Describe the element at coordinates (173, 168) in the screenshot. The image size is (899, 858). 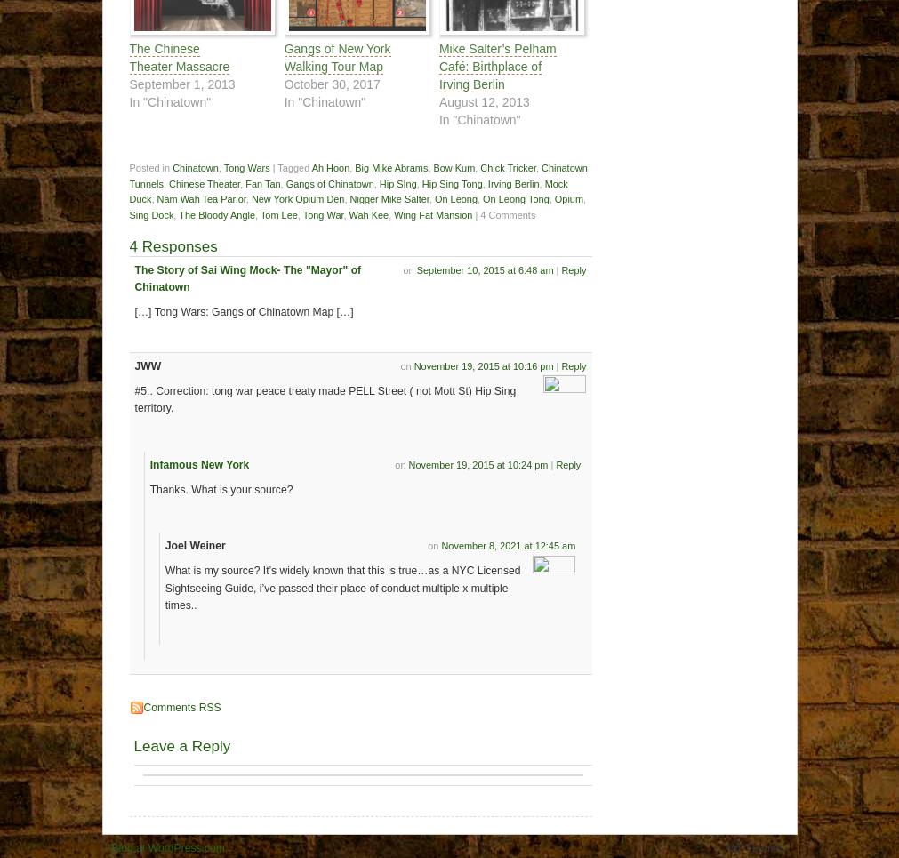
I see `'Chinatown'` at that location.